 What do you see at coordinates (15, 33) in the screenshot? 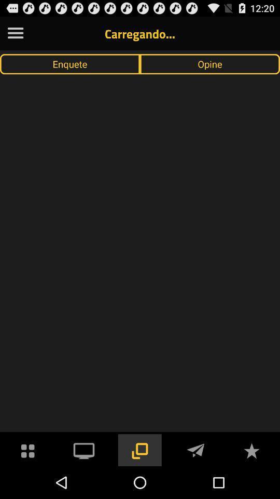
I see `the app to the left of carregando... item` at bounding box center [15, 33].